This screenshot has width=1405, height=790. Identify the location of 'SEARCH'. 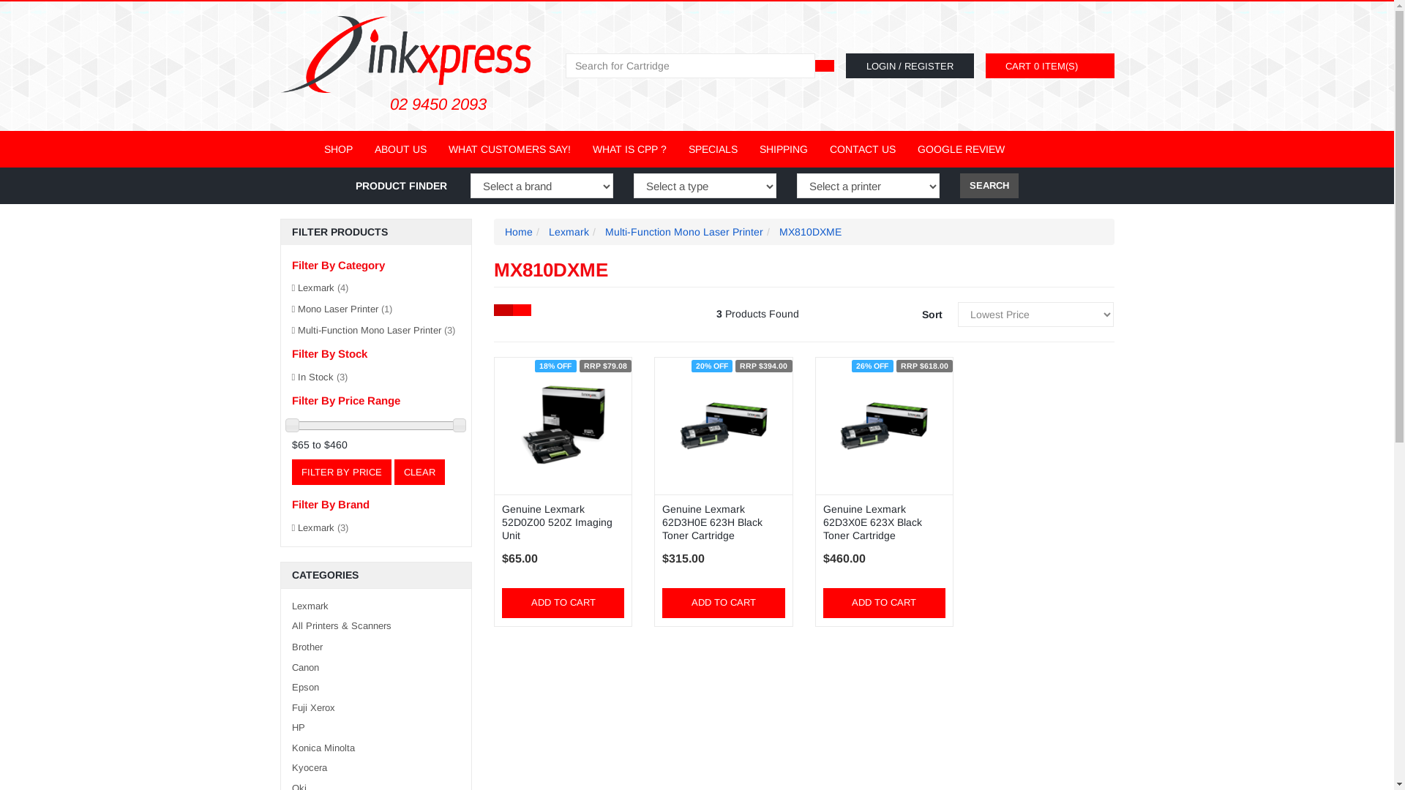
(989, 185).